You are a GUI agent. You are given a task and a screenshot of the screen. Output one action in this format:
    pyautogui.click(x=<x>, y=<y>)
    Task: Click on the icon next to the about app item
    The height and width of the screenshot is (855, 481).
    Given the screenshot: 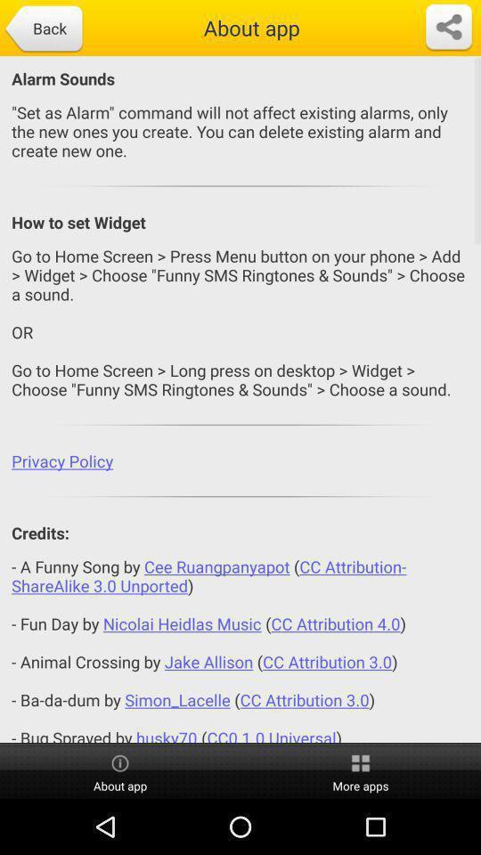 What is the action you would take?
    pyautogui.click(x=447, y=27)
    